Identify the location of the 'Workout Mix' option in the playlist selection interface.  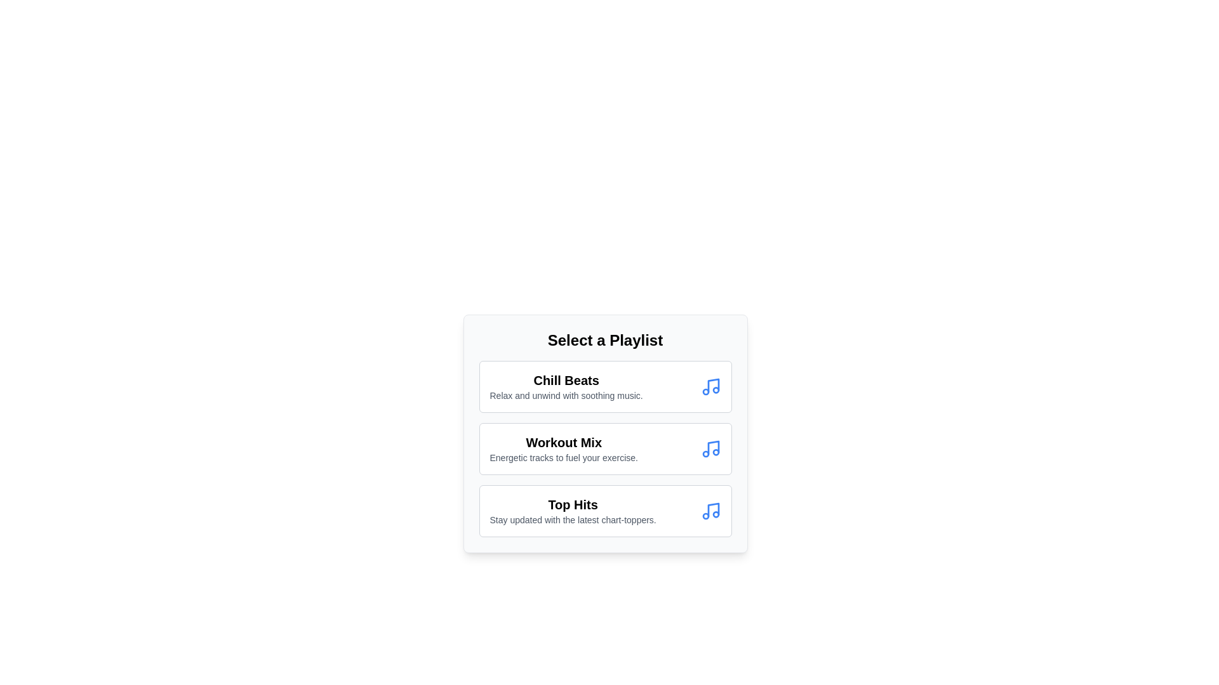
(604, 433).